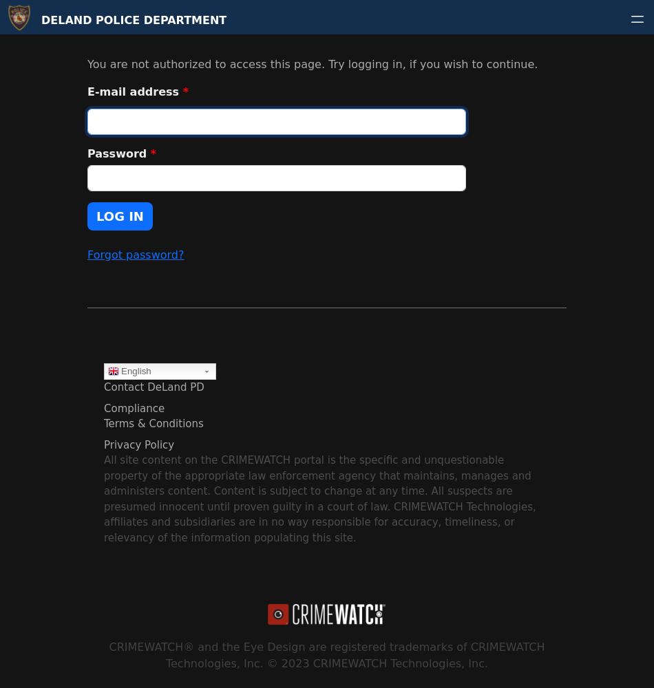 Image resolution: width=654 pixels, height=688 pixels. What do you see at coordinates (138, 444) in the screenshot?
I see `'Privacy Policy'` at bounding box center [138, 444].